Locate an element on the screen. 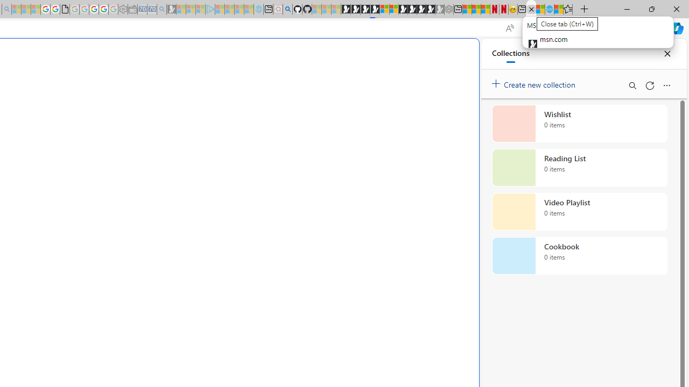 The width and height of the screenshot is (689, 387). 'Create new collection' is located at coordinates (536, 82).